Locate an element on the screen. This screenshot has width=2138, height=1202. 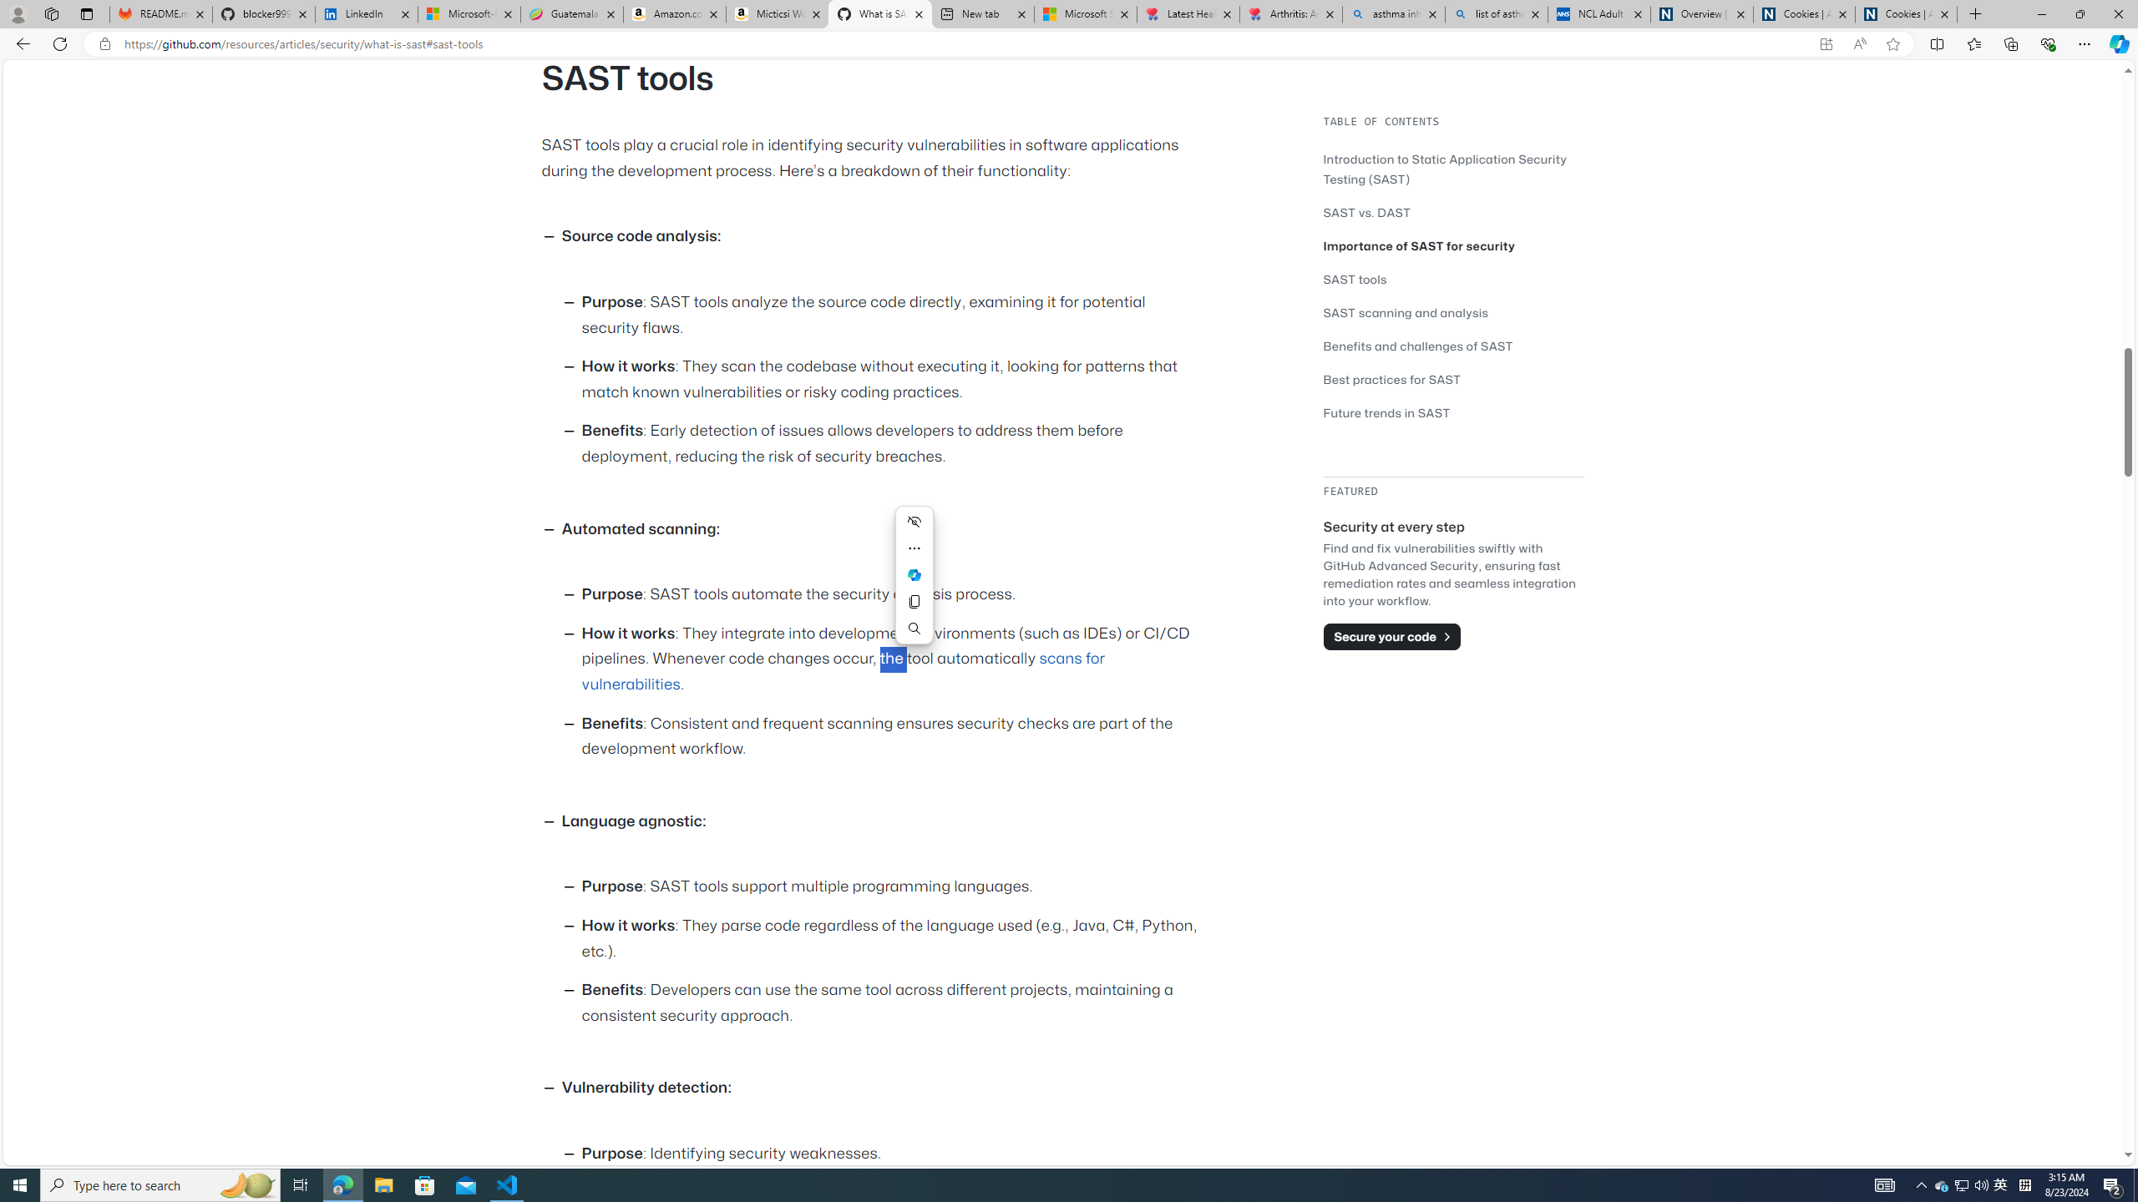
'Ask Copilot' is located at coordinates (913, 575).